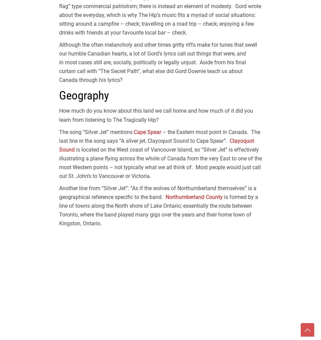  What do you see at coordinates (159, 136) in the screenshot?
I see `'– the Eastern most point in Canada.  The last line in the song says “A silver jet, Clayoquot Sound to Cape Spear”.'` at bounding box center [159, 136].